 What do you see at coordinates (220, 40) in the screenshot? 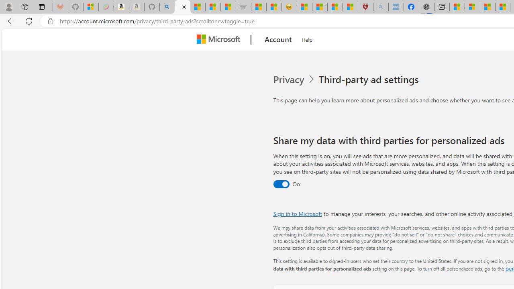
I see `'Microsoft'` at bounding box center [220, 40].